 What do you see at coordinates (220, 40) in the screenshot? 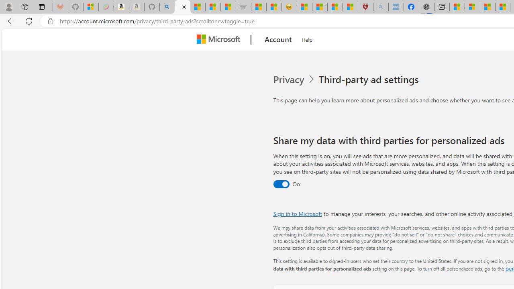
I see `'Microsoft'` at bounding box center [220, 40].